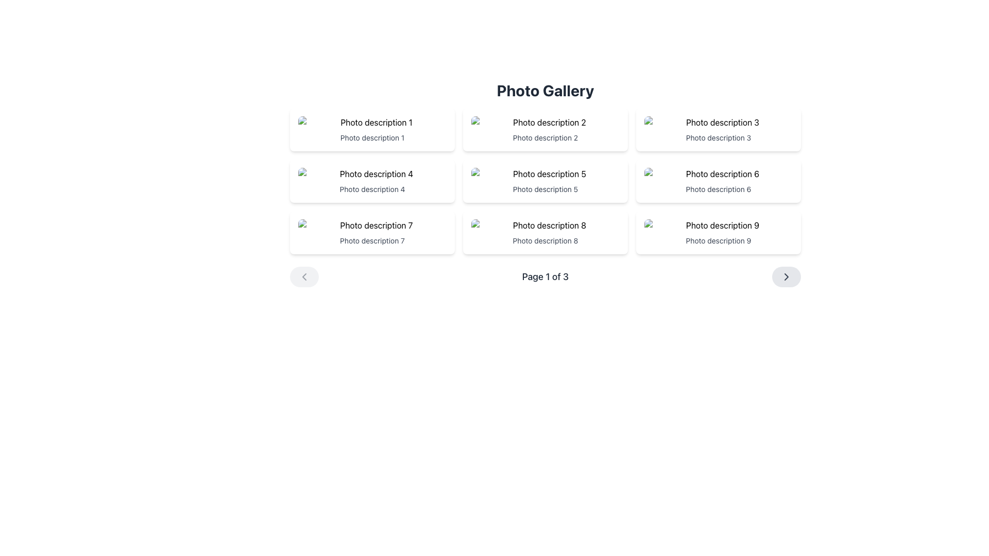 This screenshot has height=556, width=989. I want to click on the circular button icon located near the bottom-left corner of the page, so click(303, 276).